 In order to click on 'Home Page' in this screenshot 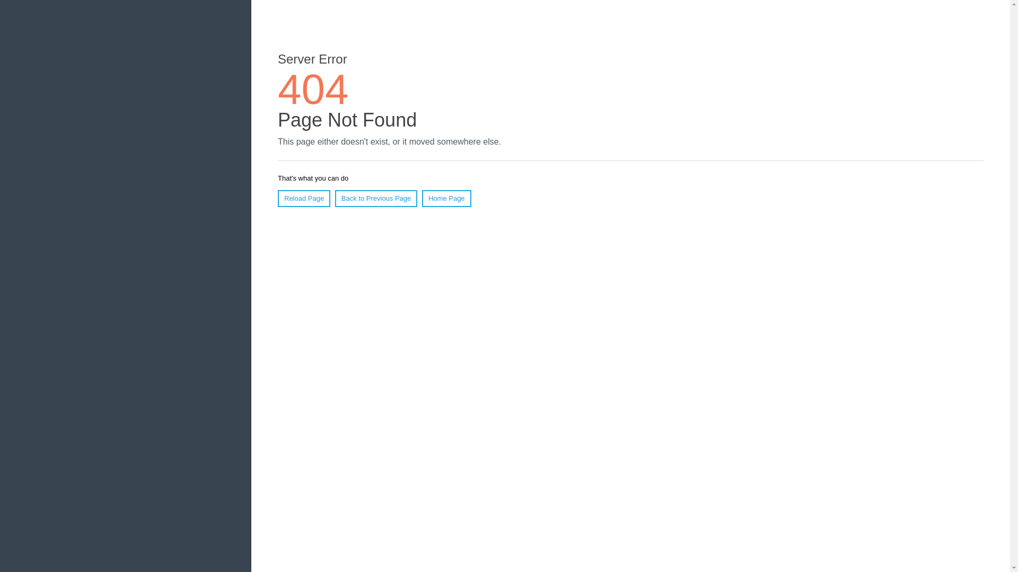, I will do `click(446, 198)`.